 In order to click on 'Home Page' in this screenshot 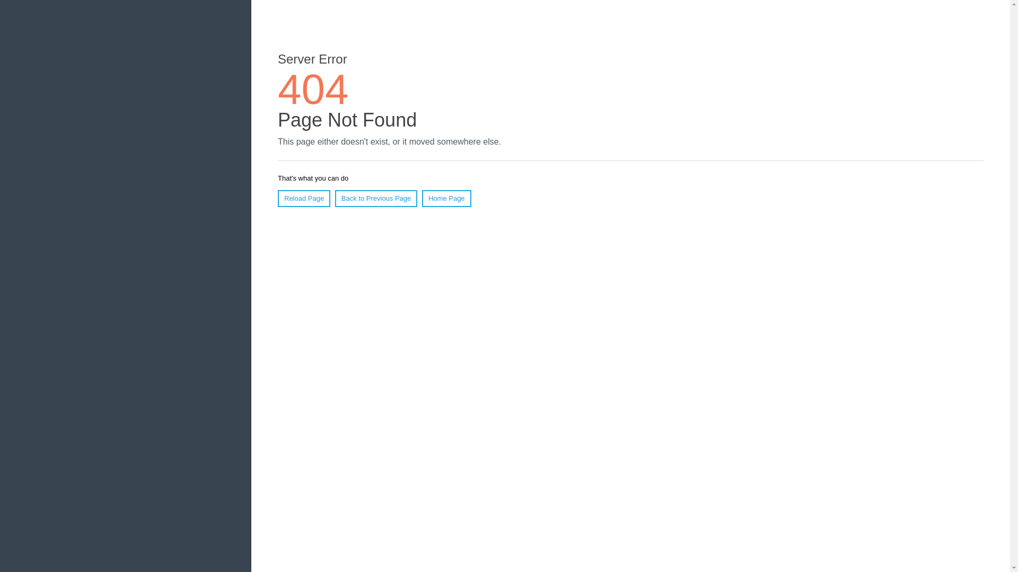, I will do `click(446, 198)`.